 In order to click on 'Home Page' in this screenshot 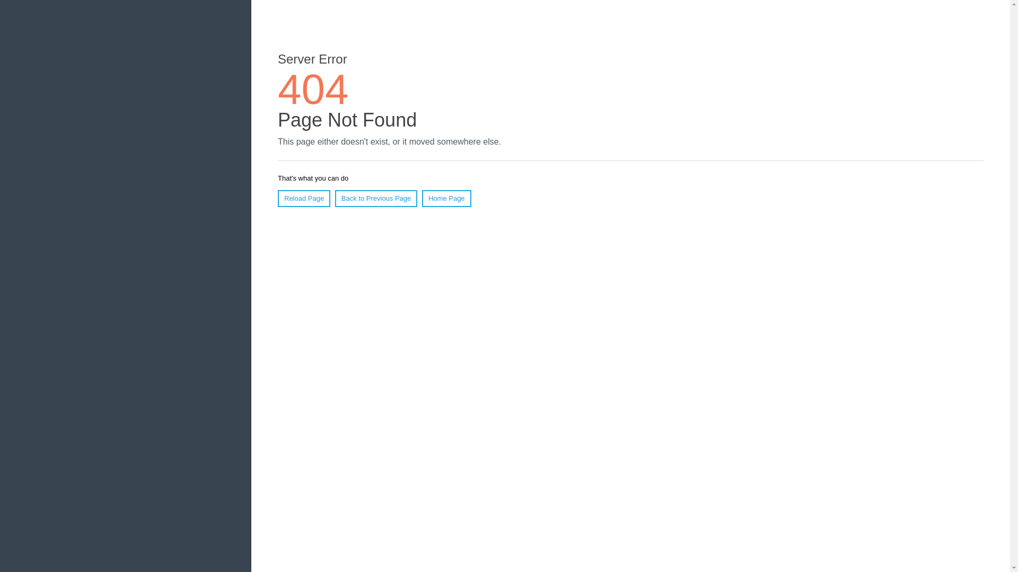, I will do `click(446, 198)`.